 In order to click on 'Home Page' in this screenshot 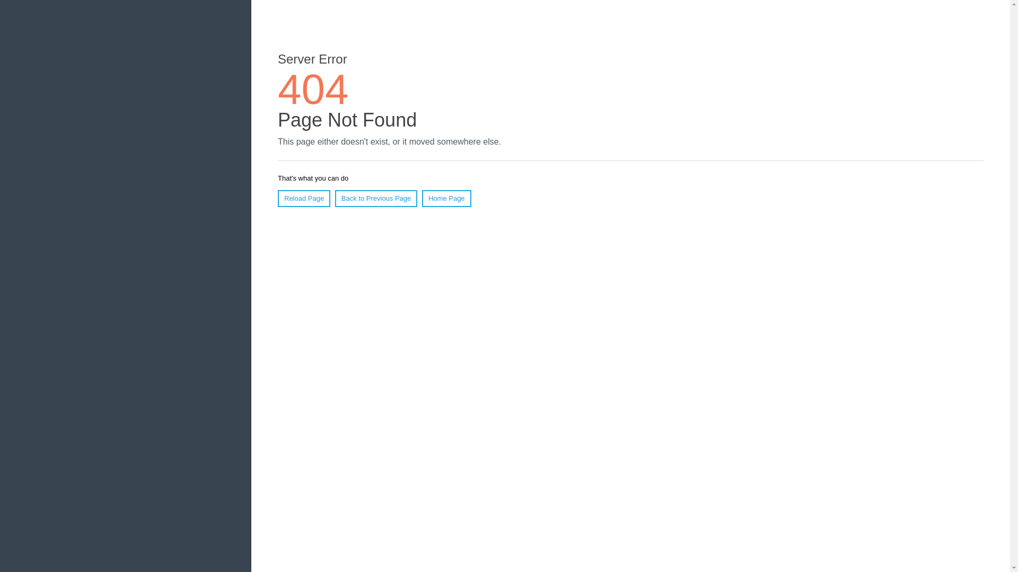, I will do `click(446, 198)`.